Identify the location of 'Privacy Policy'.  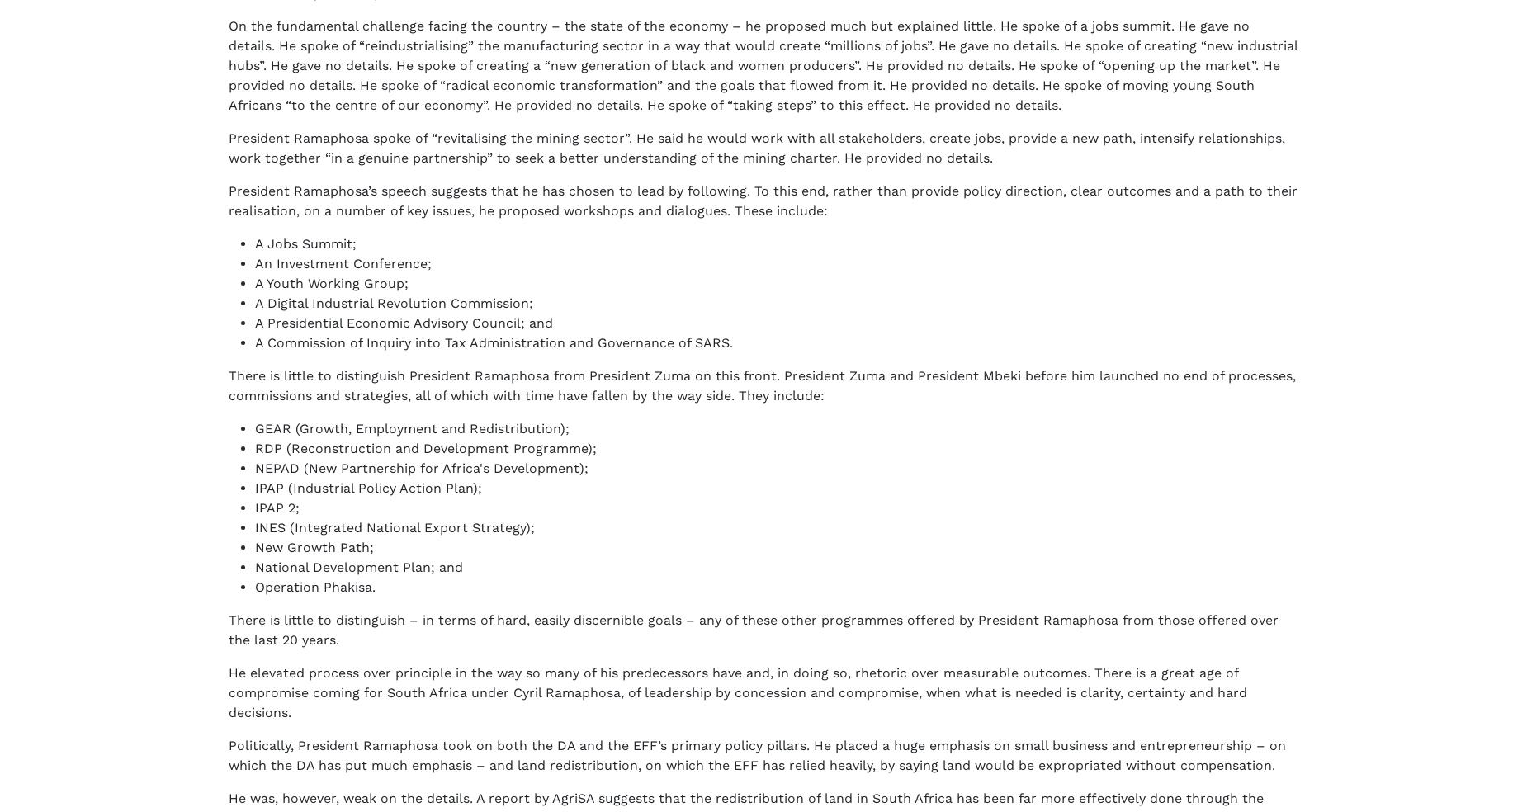
(393, 762).